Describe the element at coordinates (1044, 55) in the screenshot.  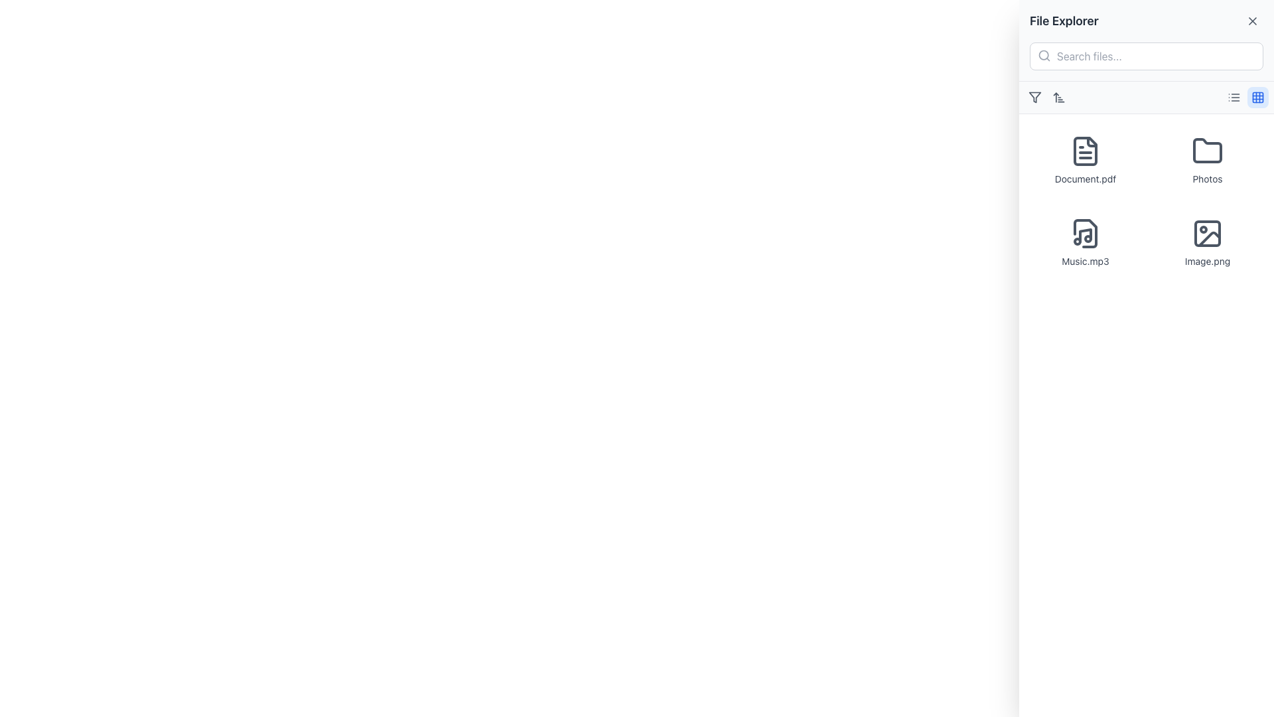
I see `the search icon located on the left side of the 'Search files...' text input field in the toolbar at the top of the file explorer interface` at that location.